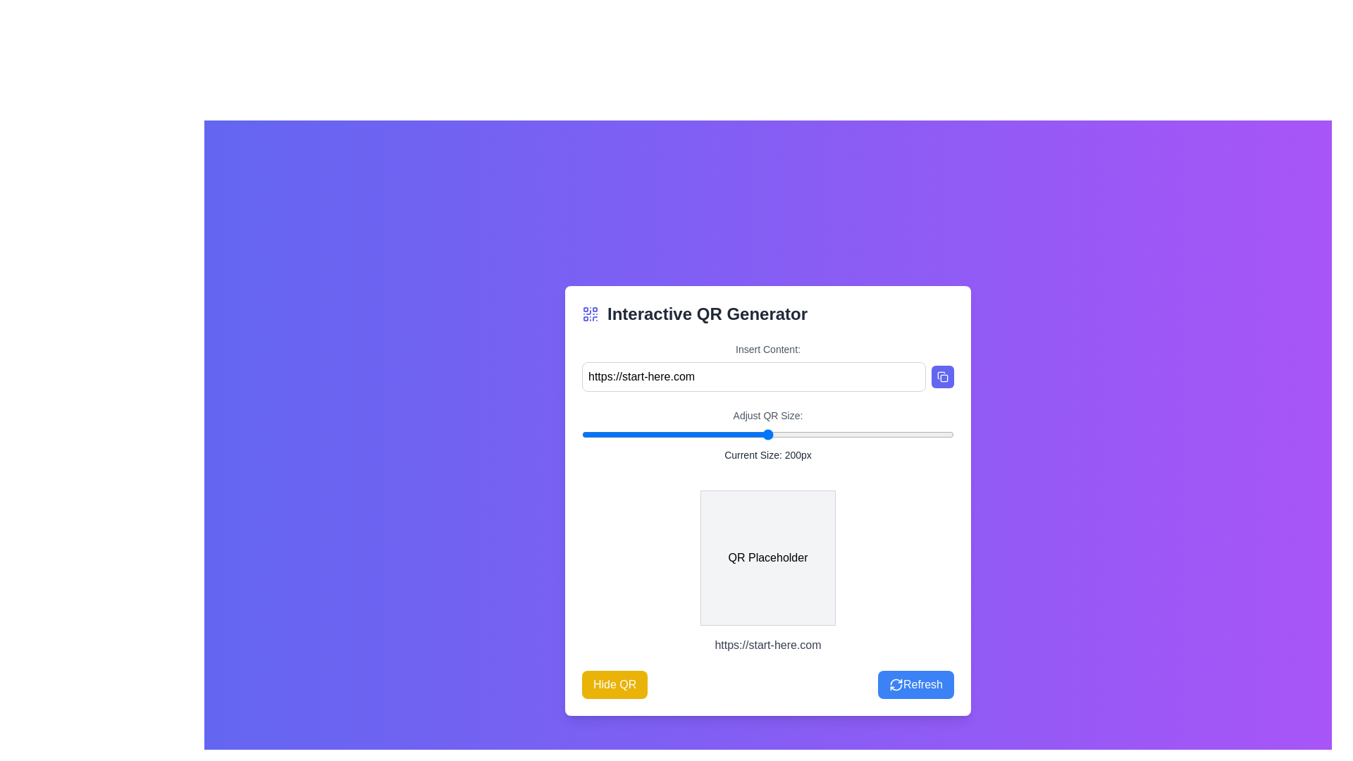 The image size is (1353, 761). Describe the element at coordinates (944, 434) in the screenshot. I see `the QR code size` at that location.